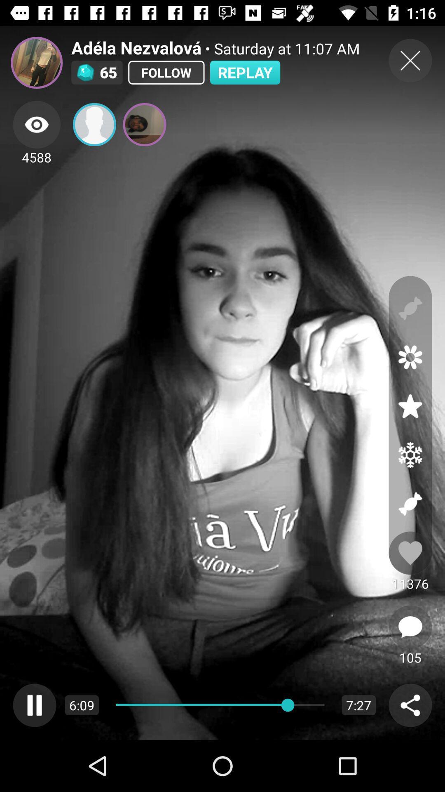 This screenshot has height=792, width=445. What do you see at coordinates (34, 705) in the screenshot?
I see `the pause icon` at bounding box center [34, 705].